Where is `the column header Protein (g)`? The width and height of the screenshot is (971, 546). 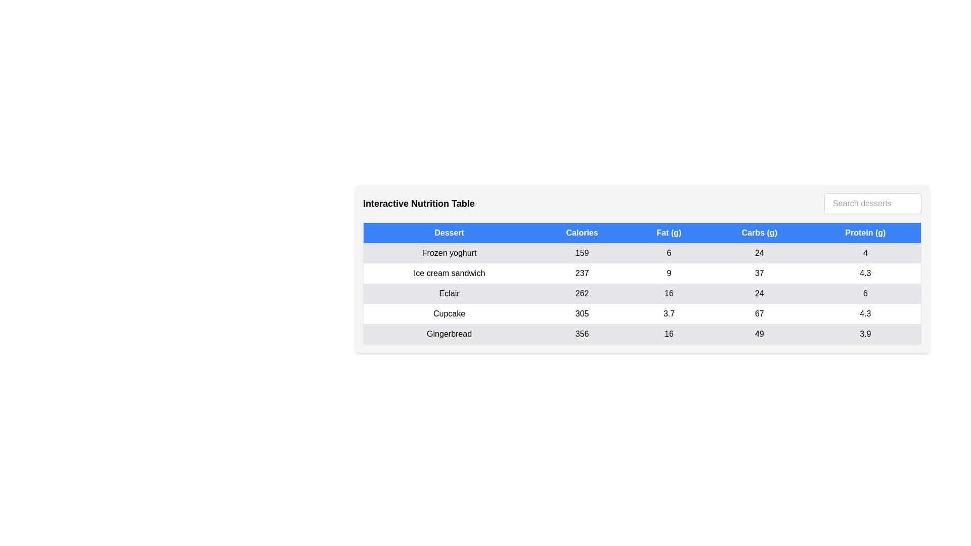 the column header Protein (g) is located at coordinates (865, 233).